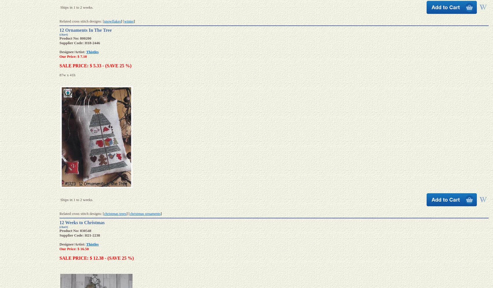 Image resolution: width=493 pixels, height=288 pixels. I want to click on 'winter', so click(129, 21).